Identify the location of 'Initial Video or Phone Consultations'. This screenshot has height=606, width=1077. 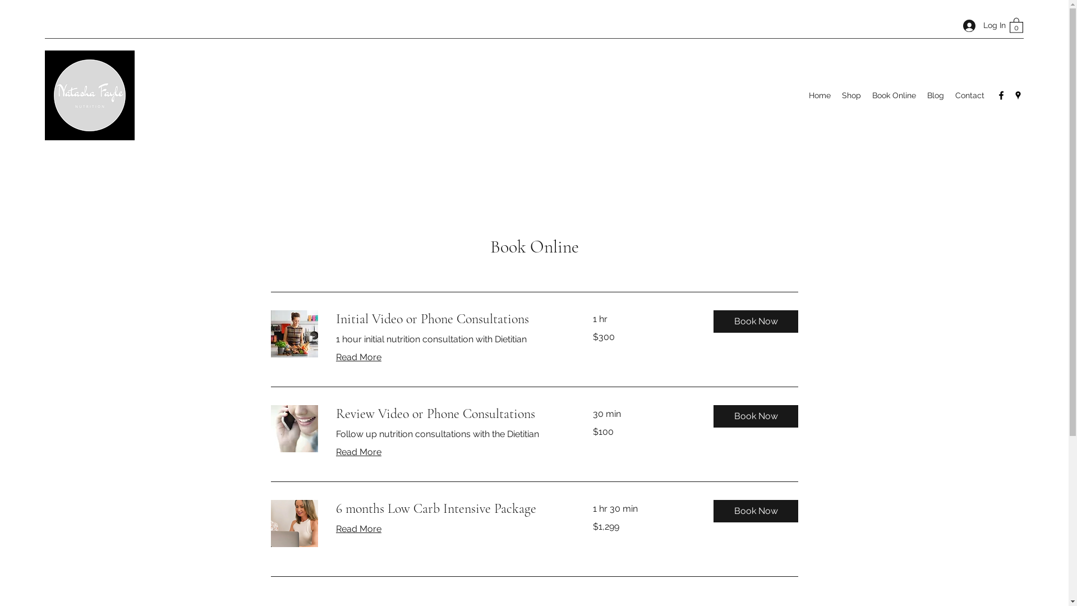
(450, 319).